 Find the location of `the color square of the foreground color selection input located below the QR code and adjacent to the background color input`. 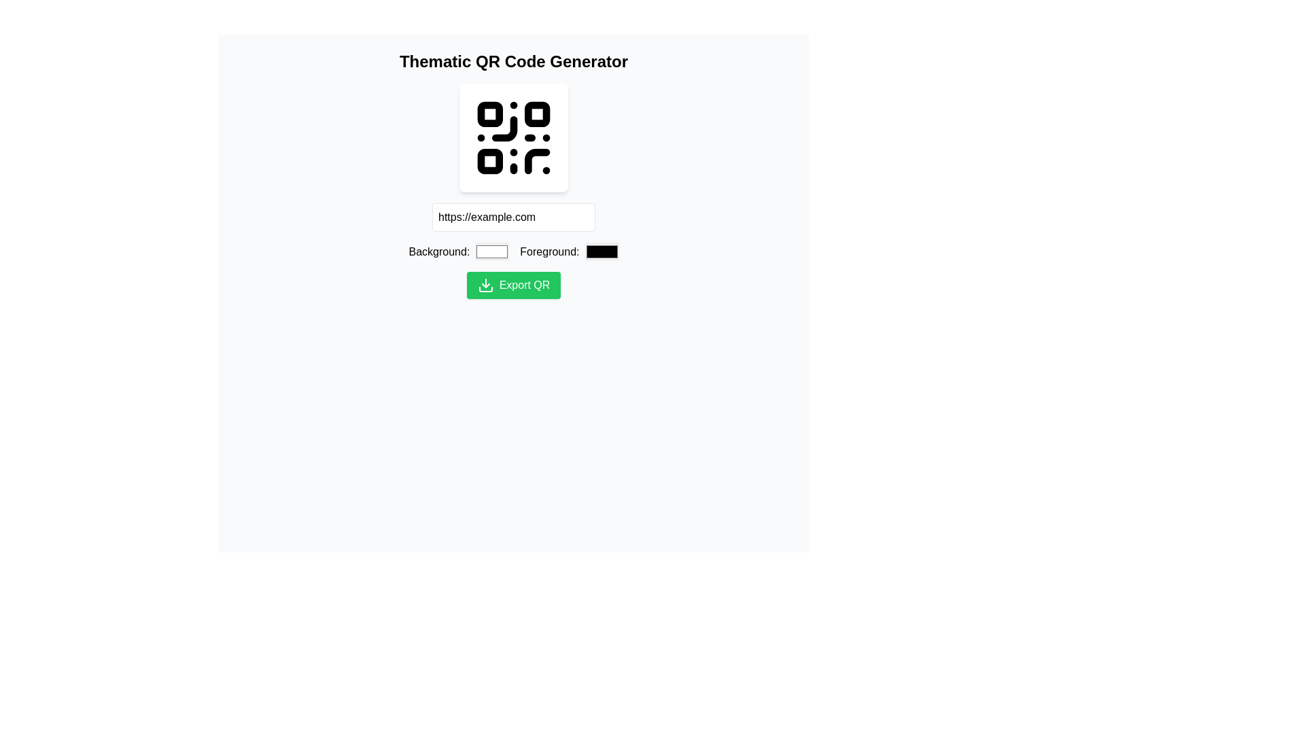

the color square of the foreground color selection input located below the QR code and adjacent to the background color input is located at coordinates (569, 251).